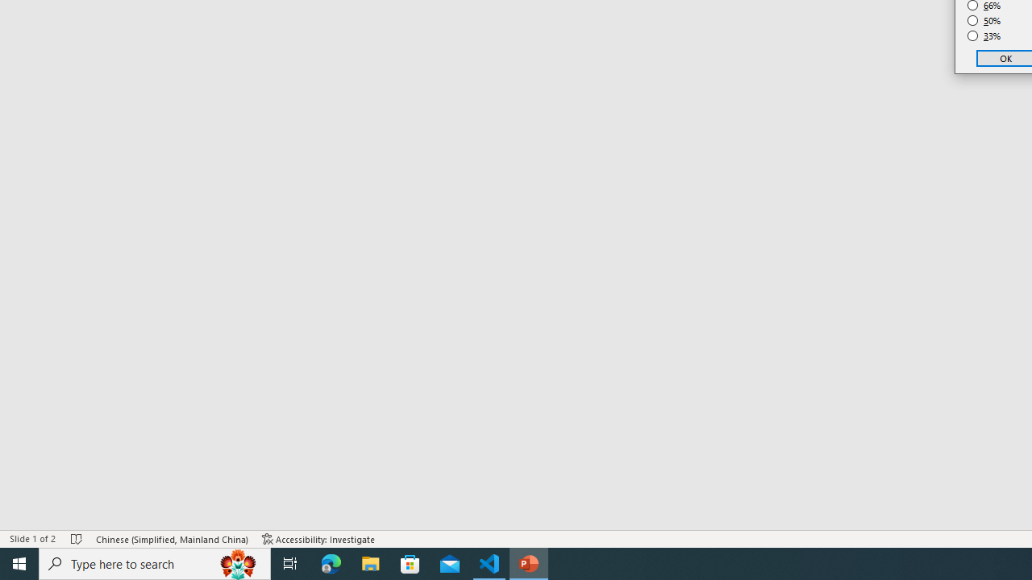 The width and height of the screenshot is (1032, 580). What do you see at coordinates (410, 562) in the screenshot?
I see `'Microsoft Store'` at bounding box center [410, 562].